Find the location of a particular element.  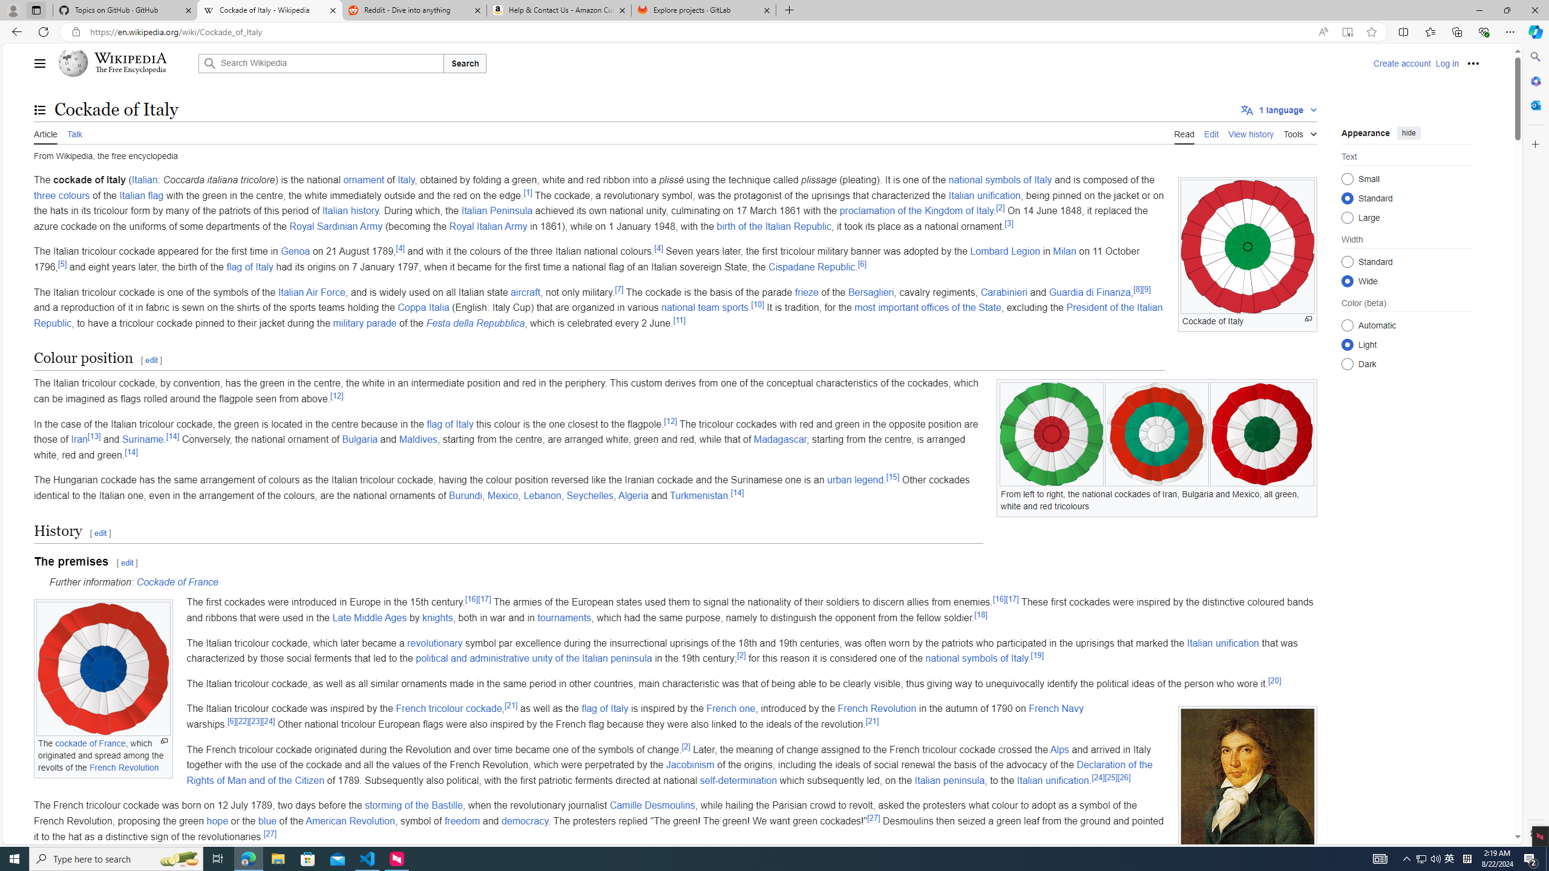

'Automatic' is located at coordinates (1347, 324).